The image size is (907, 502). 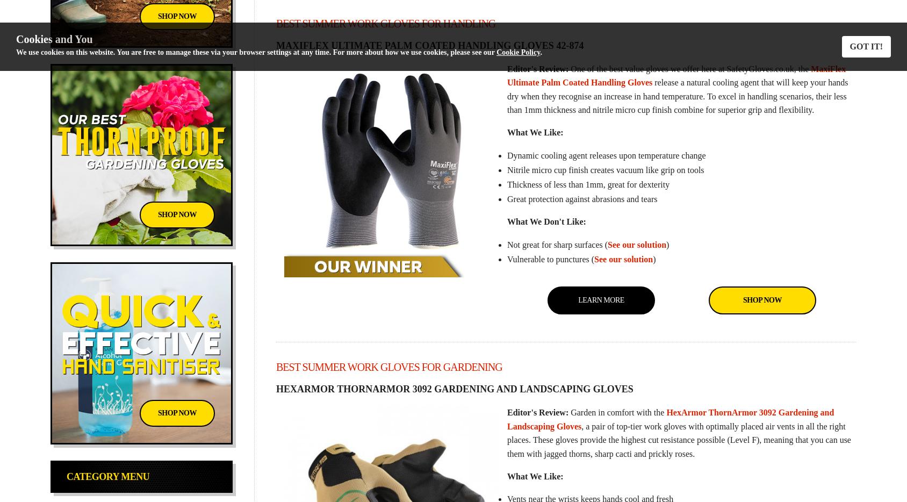 I want to click on 'Best Summer Work Gloves for Handling', so click(x=385, y=22).